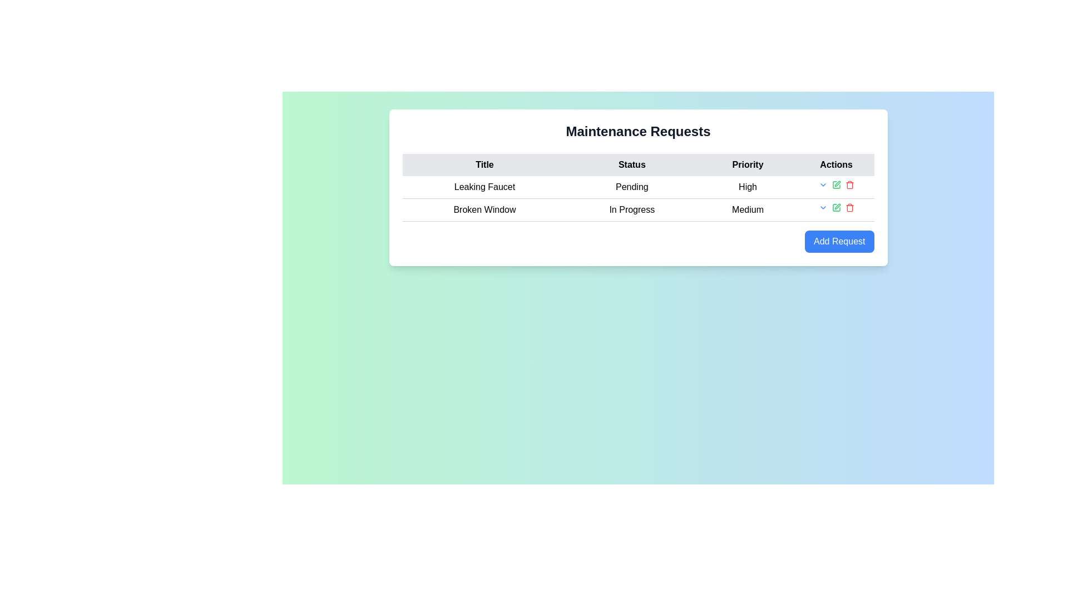 This screenshot has height=600, width=1068. I want to click on the edit button located in the 'Actions' column of the second row for the 'Broken Window' request, so click(836, 208).